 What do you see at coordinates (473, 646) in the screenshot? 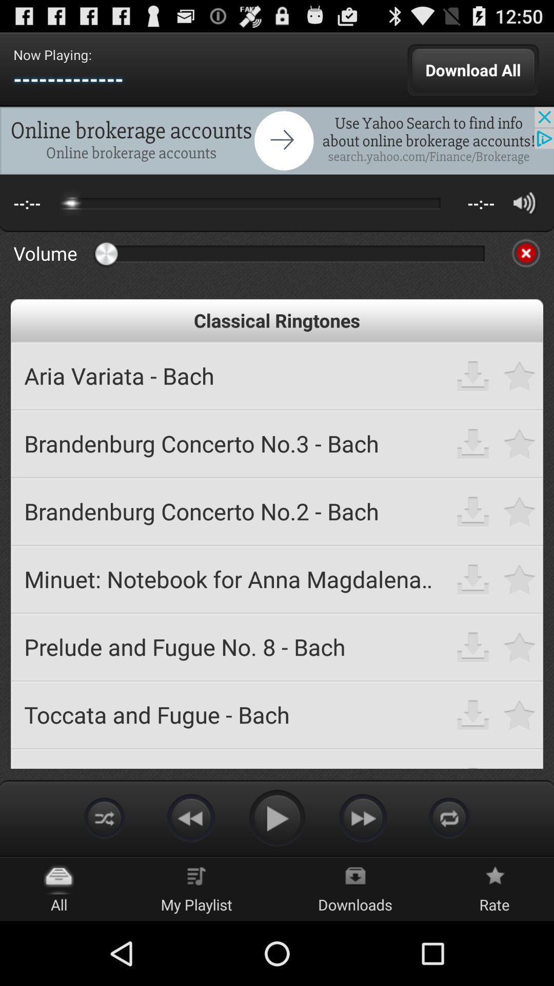
I see `download song` at bounding box center [473, 646].